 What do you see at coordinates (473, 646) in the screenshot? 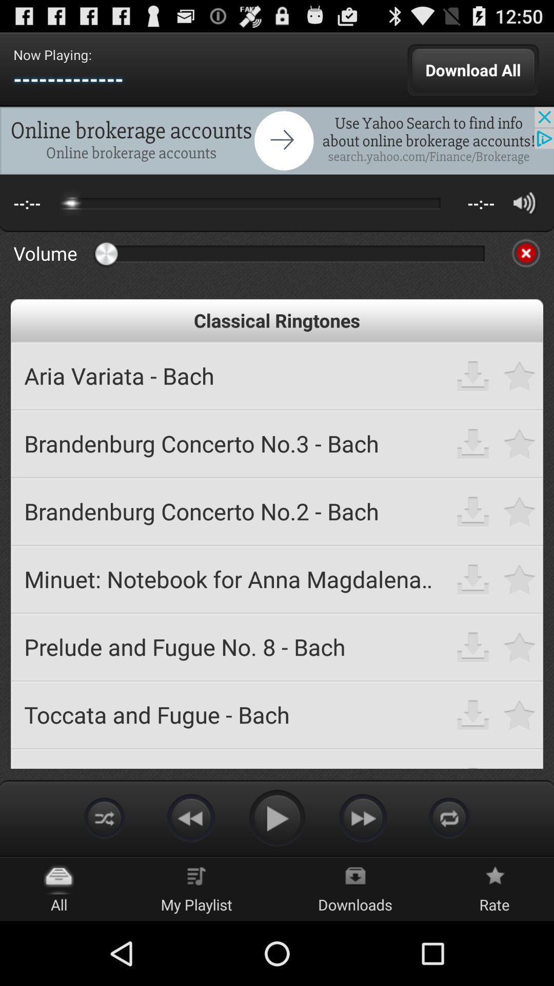
I see `download song` at bounding box center [473, 646].